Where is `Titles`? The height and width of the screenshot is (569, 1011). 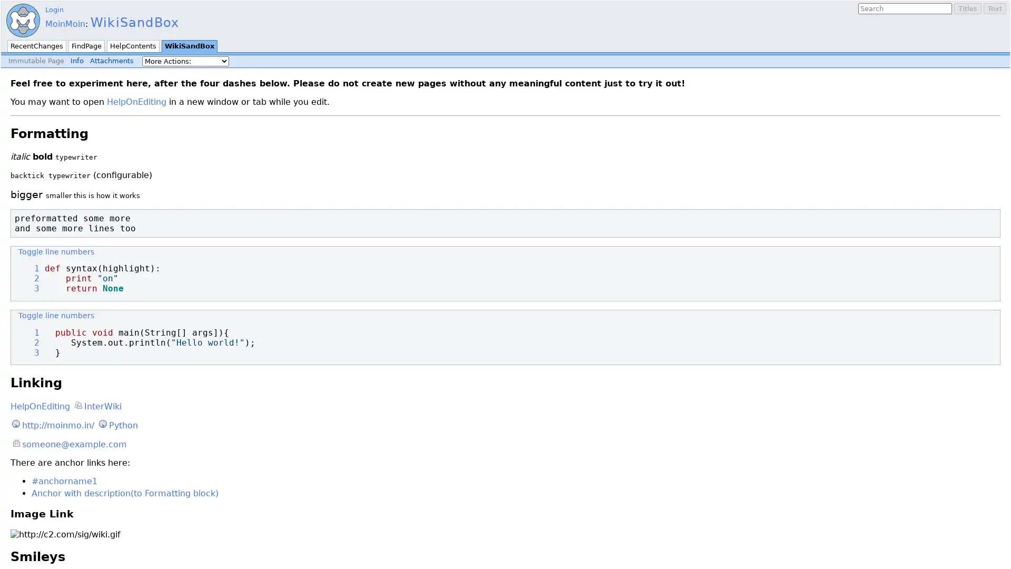 Titles is located at coordinates (968, 8).